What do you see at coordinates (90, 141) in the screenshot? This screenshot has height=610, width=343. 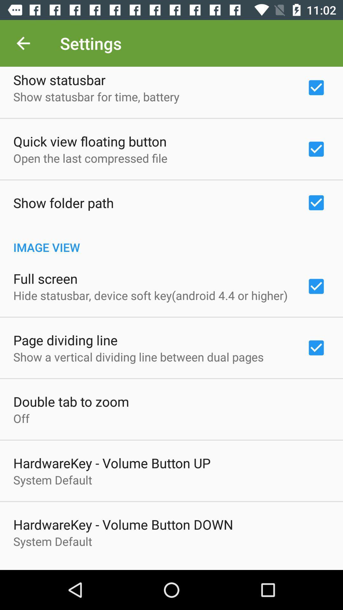 I see `the icon below show statusbar for` at bounding box center [90, 141].